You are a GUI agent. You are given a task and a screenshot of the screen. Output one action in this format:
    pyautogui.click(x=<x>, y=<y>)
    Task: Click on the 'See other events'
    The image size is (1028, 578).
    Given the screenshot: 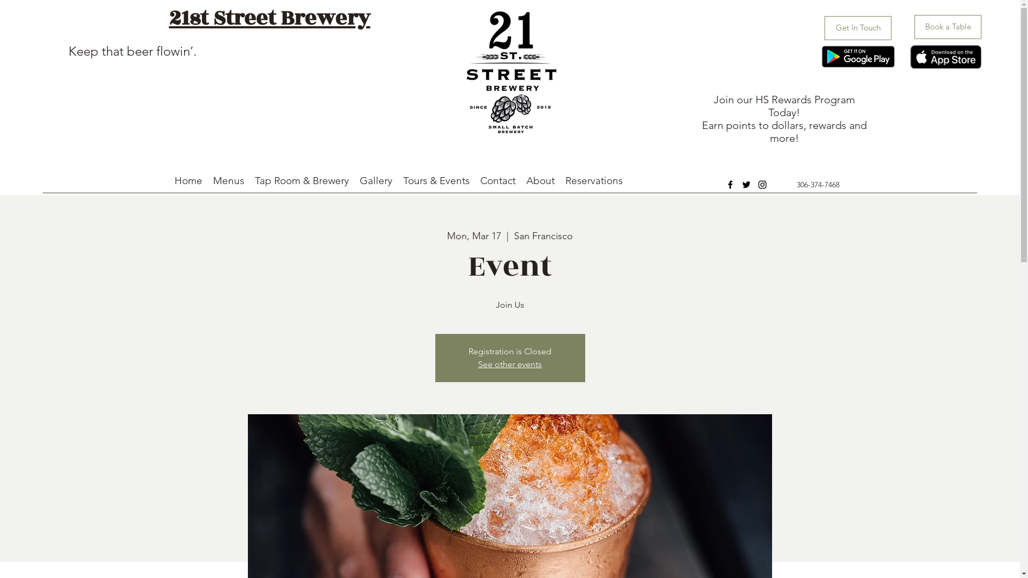 What is the action you would take?
    pyautogui.click(x=477, y=363)
    